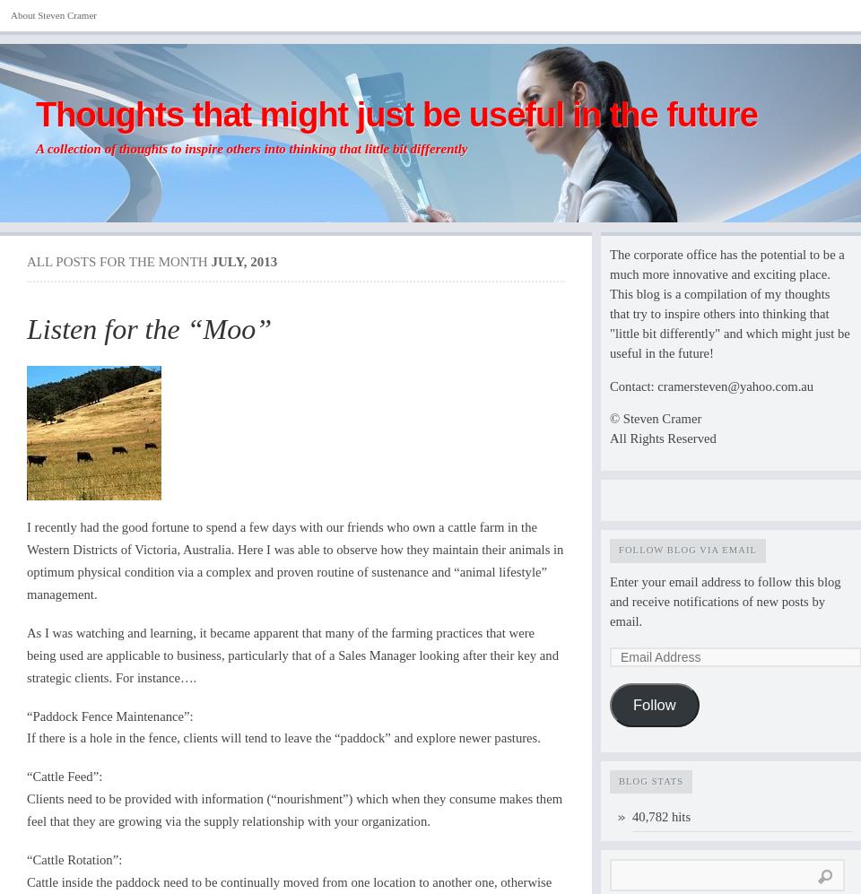 This screenshot has height=894, width=861. Describe the element at coordinates (74, 859) in the screenshot. I see `'“Cattle Rotation”:'` at that location.